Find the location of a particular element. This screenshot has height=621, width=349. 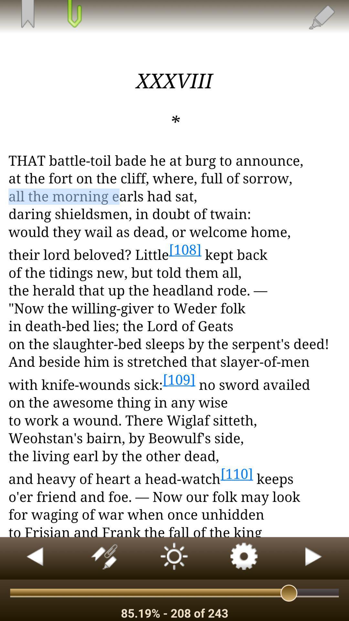

file option is located at coordinates (73, 15).